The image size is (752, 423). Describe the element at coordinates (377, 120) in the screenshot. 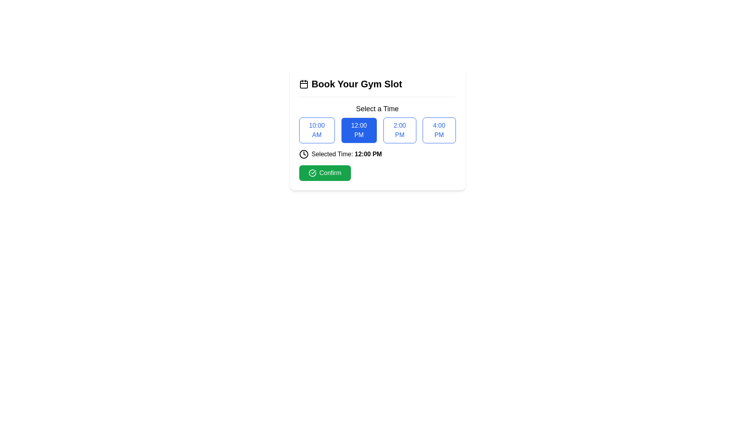

I see `the button indicating the currently selected time slot '12:00 PM' in the time selection interface, located below the 'Select a Time' title` at that location.